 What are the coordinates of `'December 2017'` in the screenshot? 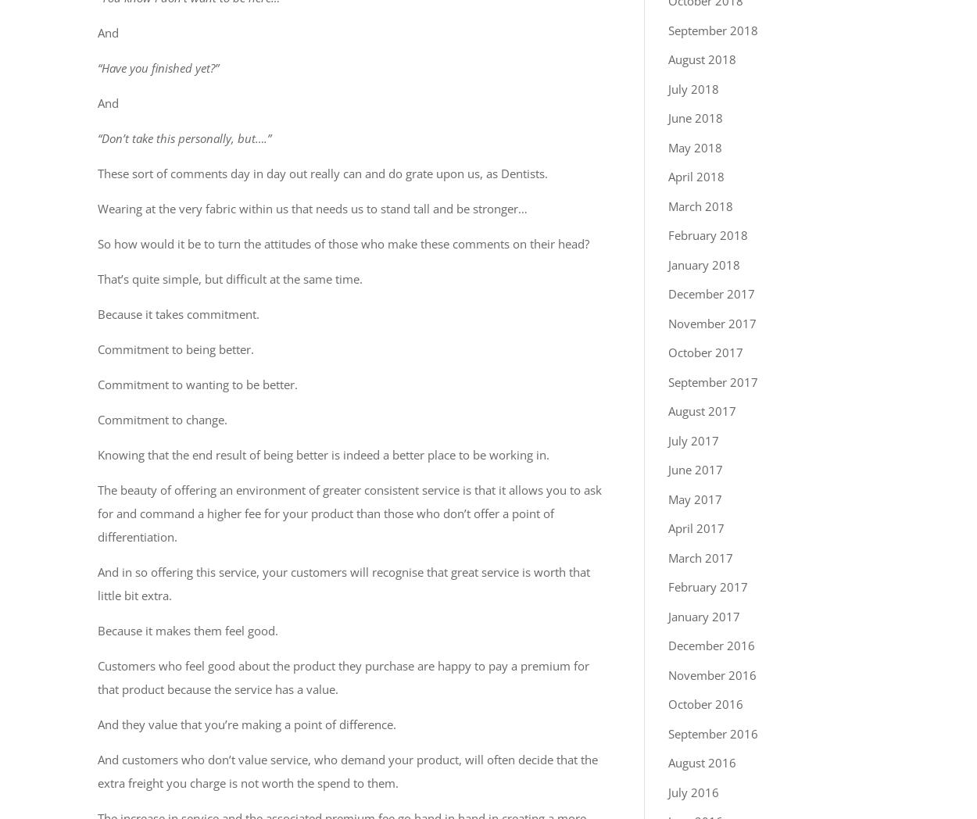 It's located at (711, 293).